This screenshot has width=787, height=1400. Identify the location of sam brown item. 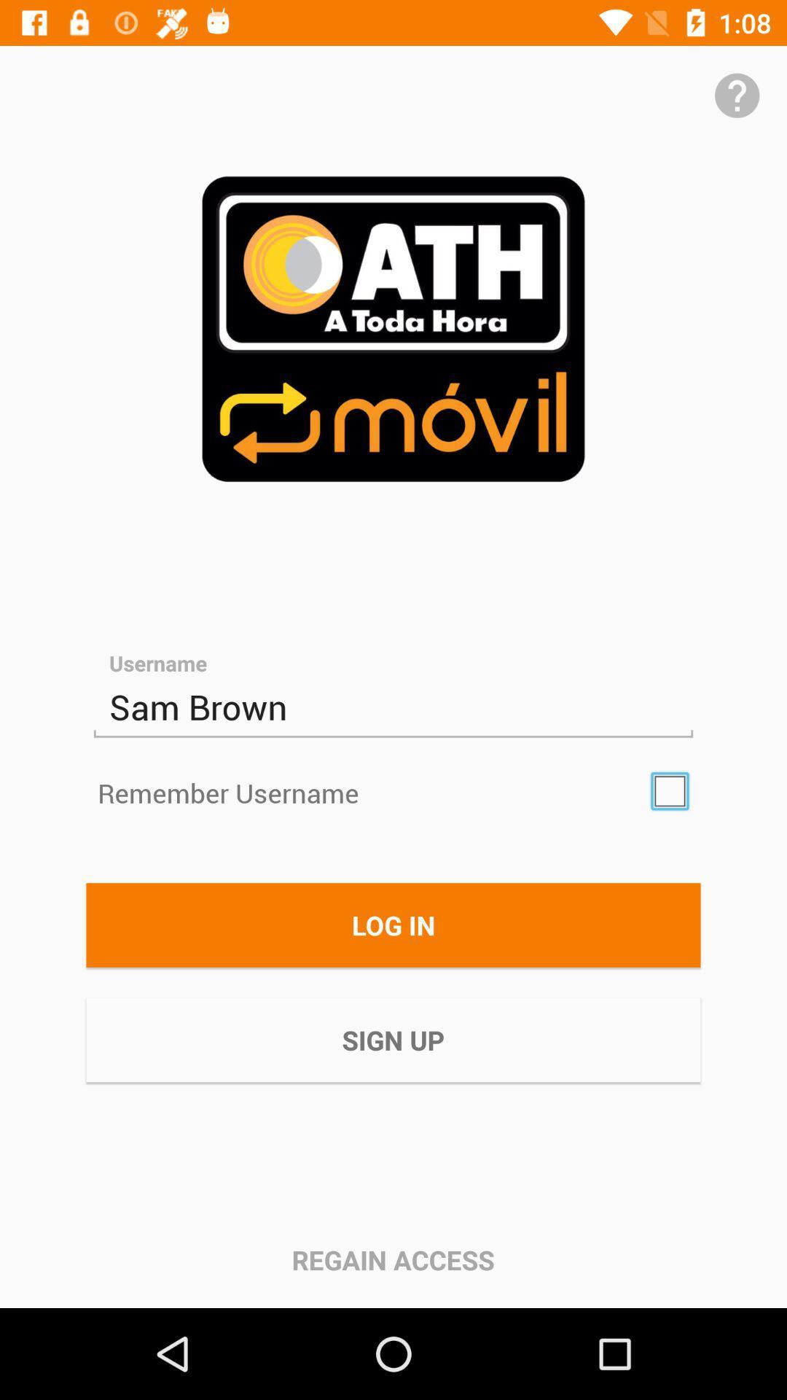
(393, 707).